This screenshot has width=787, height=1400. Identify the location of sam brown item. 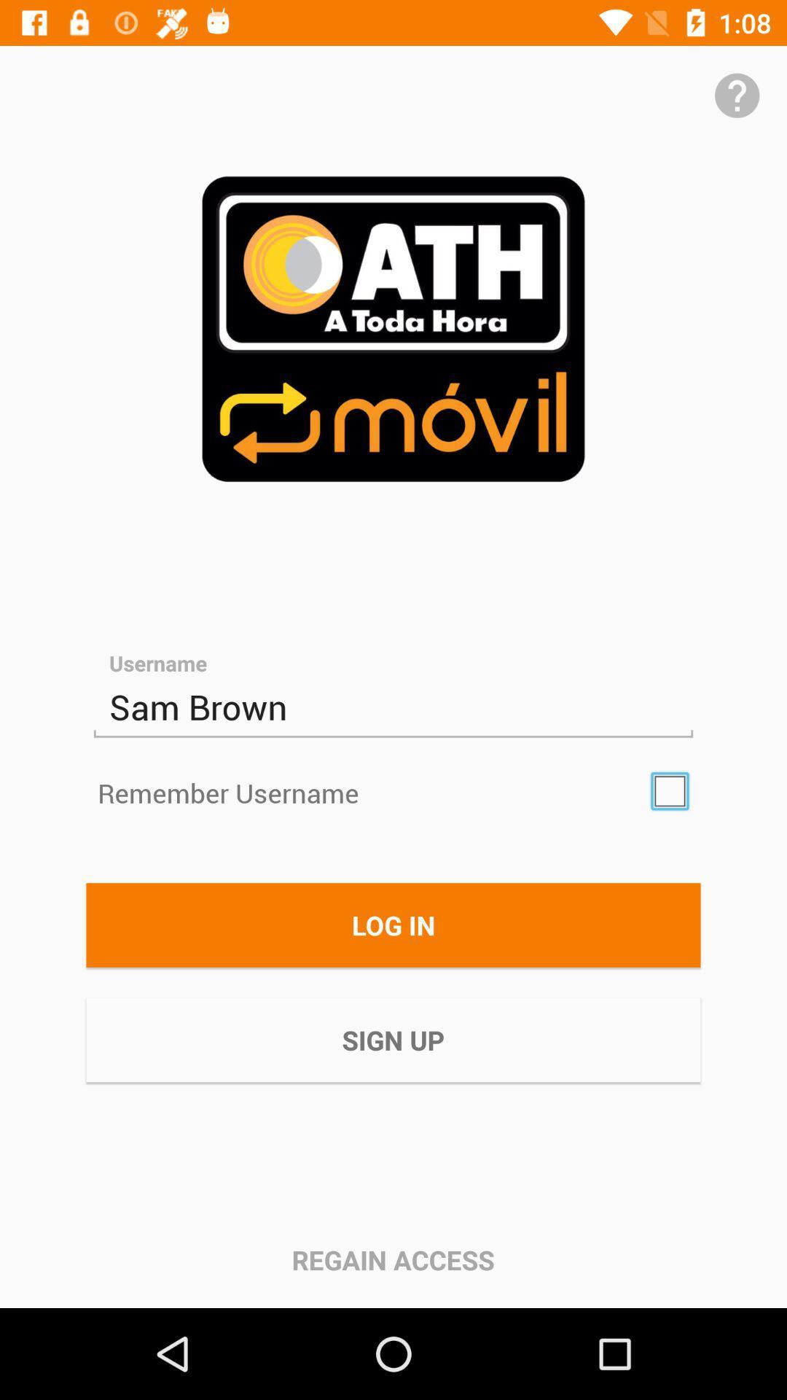
(393, 707).